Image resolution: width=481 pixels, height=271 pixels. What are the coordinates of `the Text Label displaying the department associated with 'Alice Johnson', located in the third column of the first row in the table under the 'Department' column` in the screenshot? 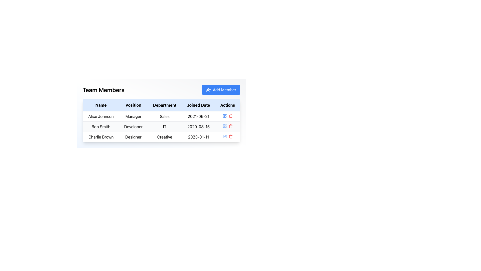 It's located at (165, 116).